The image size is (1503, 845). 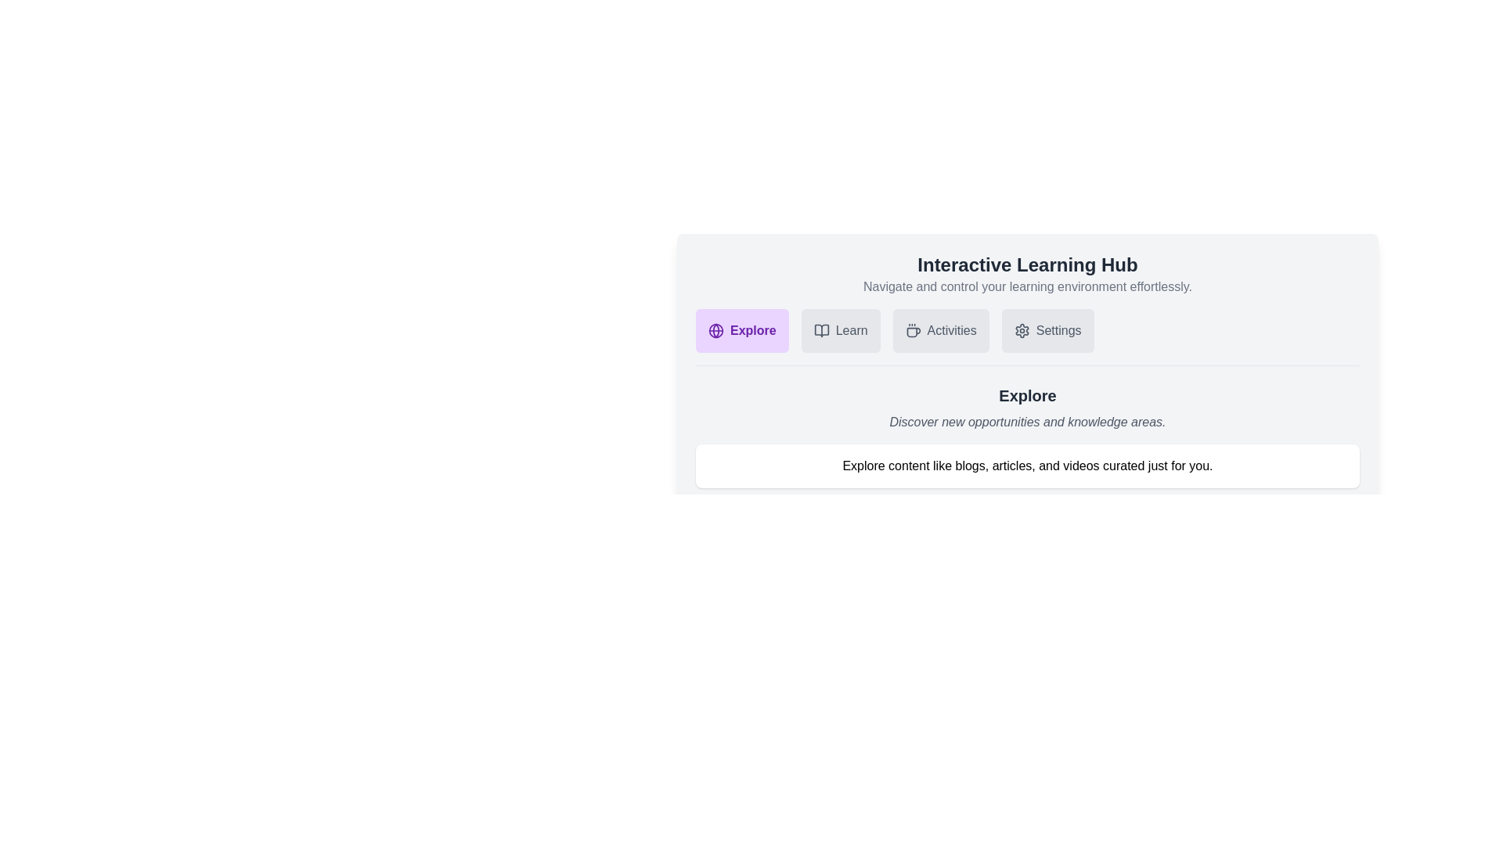 I want to click on the cogwheel-shaped settings icon located in the navigation header to the far right, next to 'Activities' and 'Learn', so click(x=1022, y=330).